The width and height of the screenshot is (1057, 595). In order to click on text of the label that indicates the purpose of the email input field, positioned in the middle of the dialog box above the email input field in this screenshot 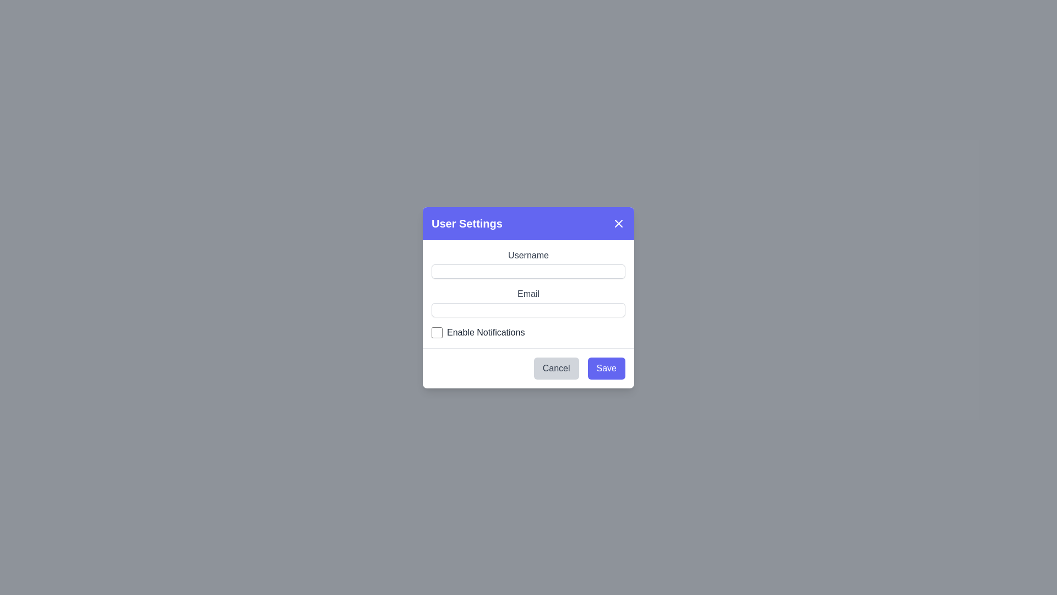, I will do `click(528, 293)`.